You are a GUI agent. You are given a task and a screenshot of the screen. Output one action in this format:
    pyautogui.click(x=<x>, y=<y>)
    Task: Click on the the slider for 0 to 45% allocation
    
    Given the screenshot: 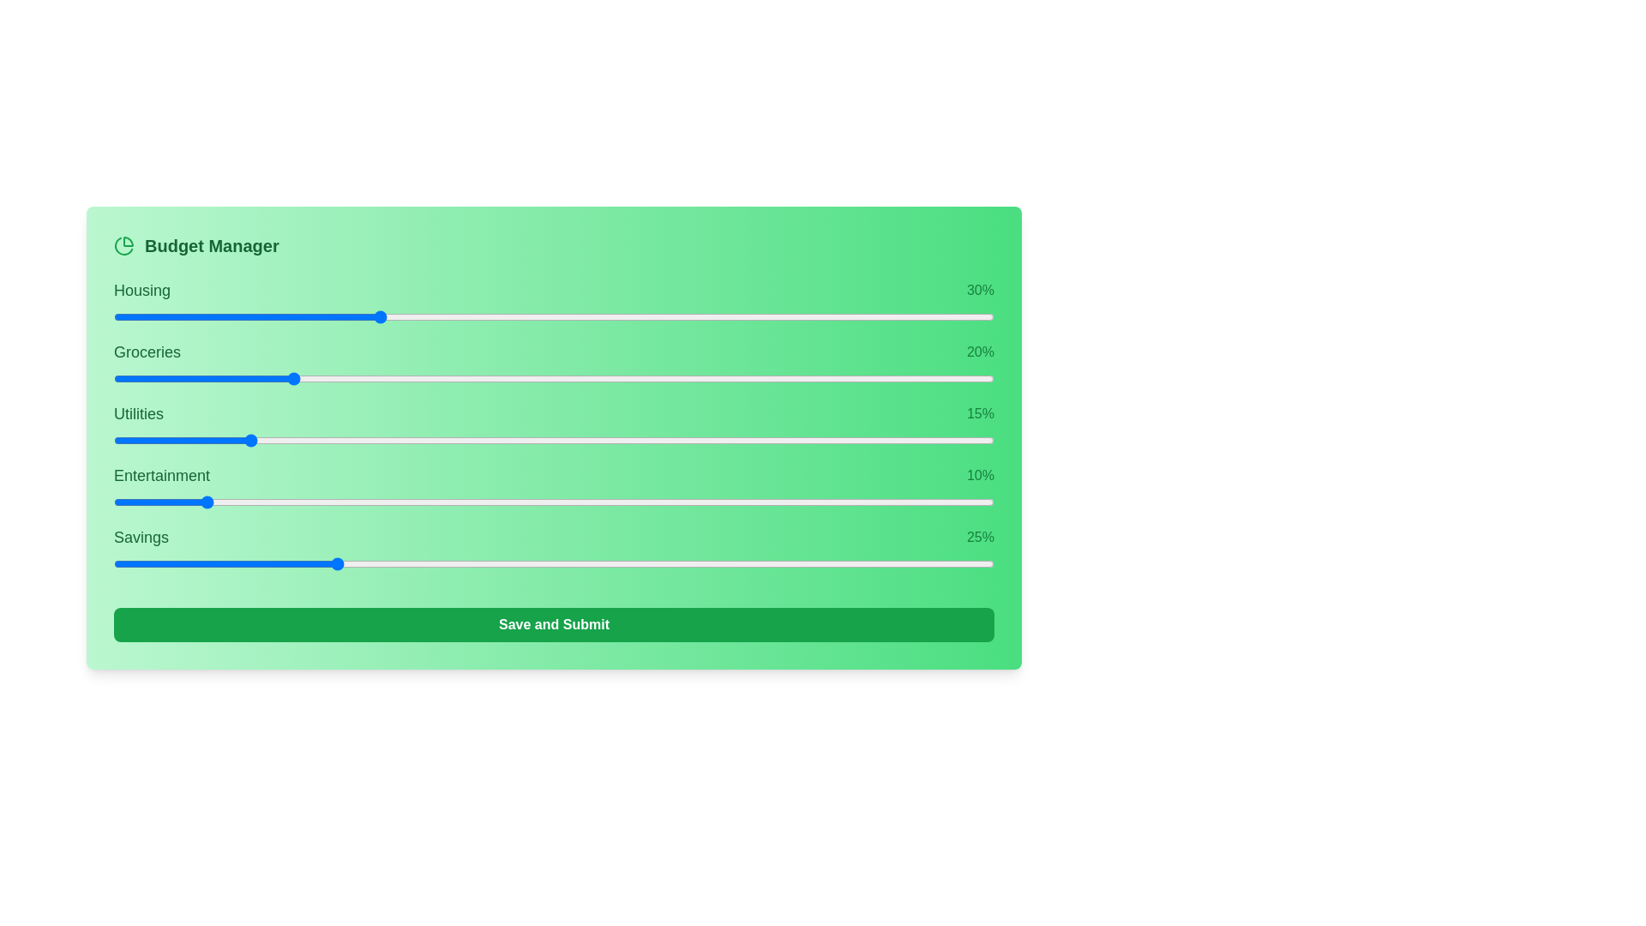 What is the action you would take?
    pyautogui.click(x=752, y=317)
    